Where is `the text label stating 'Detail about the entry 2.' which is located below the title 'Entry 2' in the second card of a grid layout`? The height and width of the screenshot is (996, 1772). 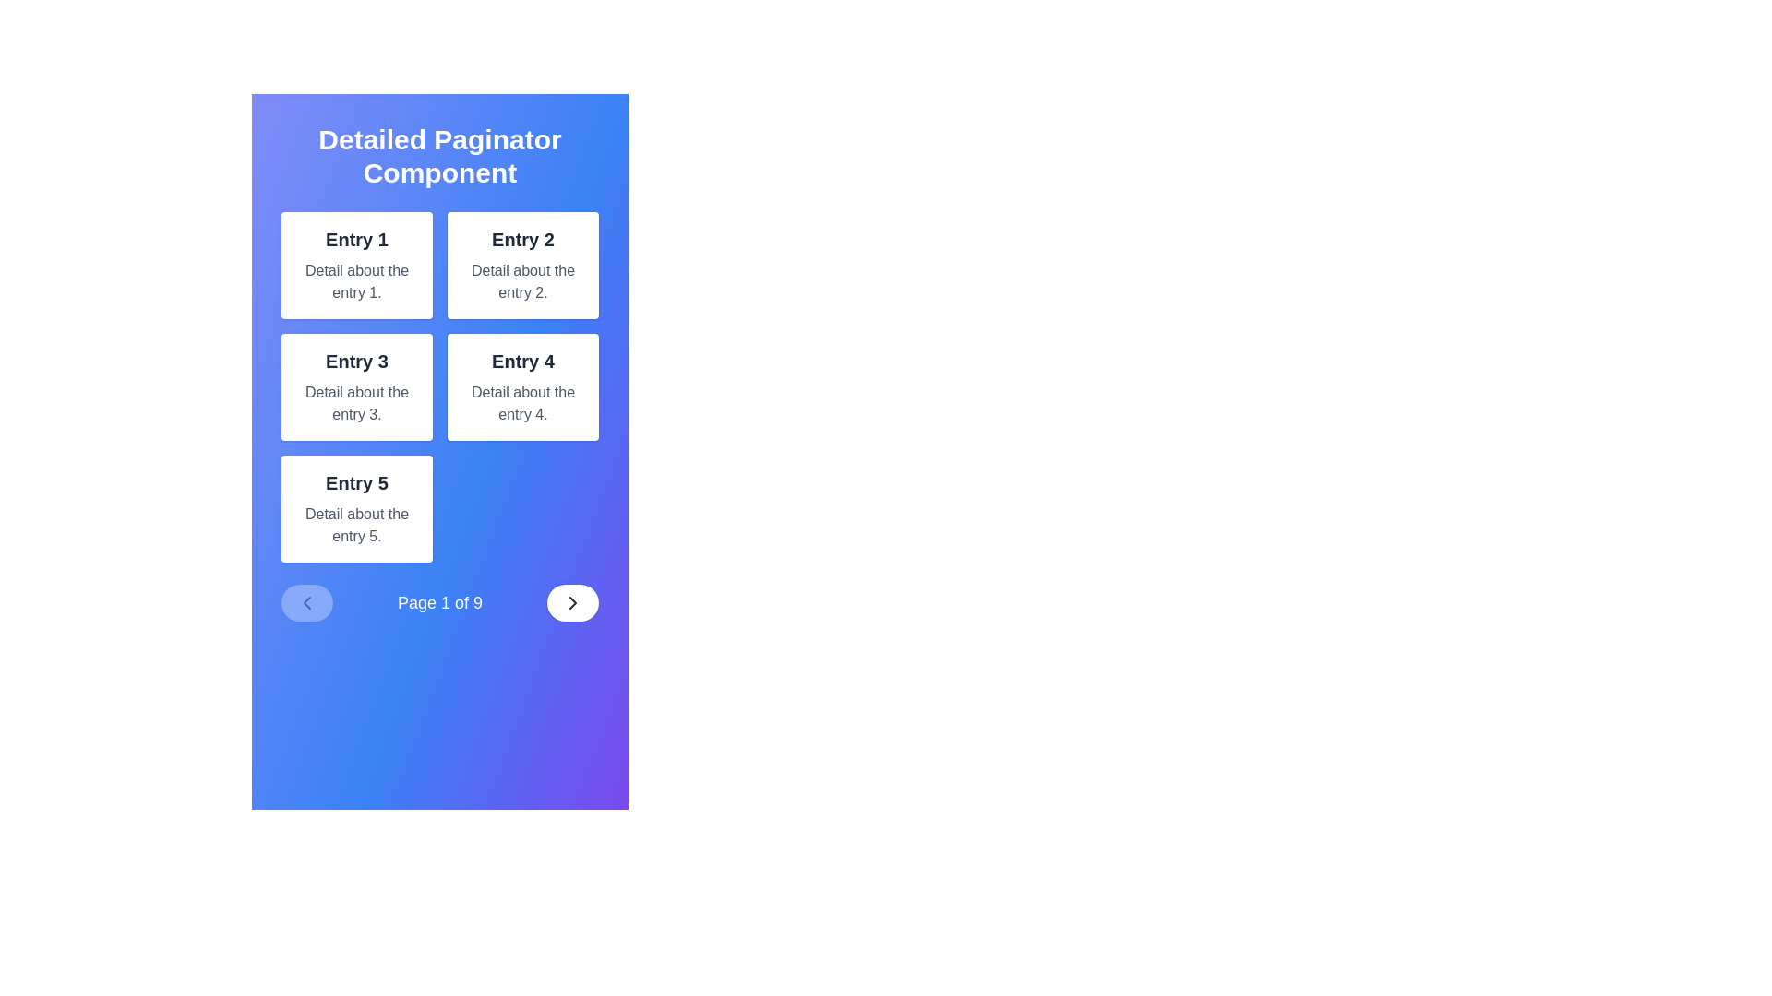 the text label stating 'Detail about the entry 2.' which is located below the title 'Entry 2' in the second card of a grid layout is located at coordinates (521, 281).